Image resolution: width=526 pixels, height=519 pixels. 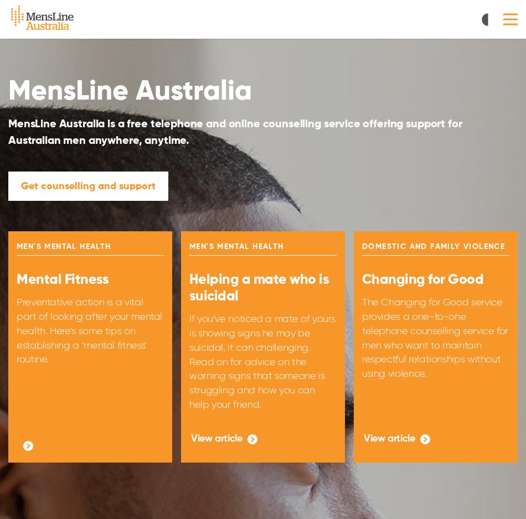 I want to click on 'Dads', so click(x=224, y=68).